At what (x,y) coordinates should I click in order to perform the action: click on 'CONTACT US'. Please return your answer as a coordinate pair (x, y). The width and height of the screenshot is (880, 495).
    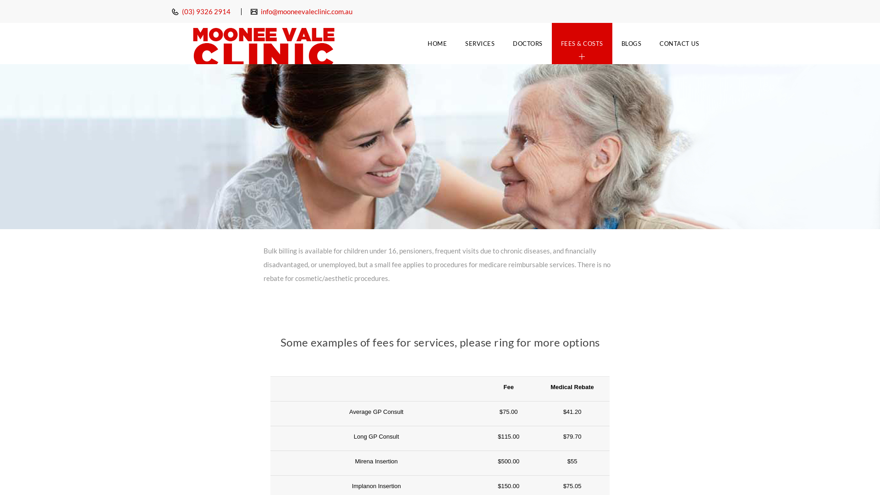
    Looking at the image, I should click on (679, 44).